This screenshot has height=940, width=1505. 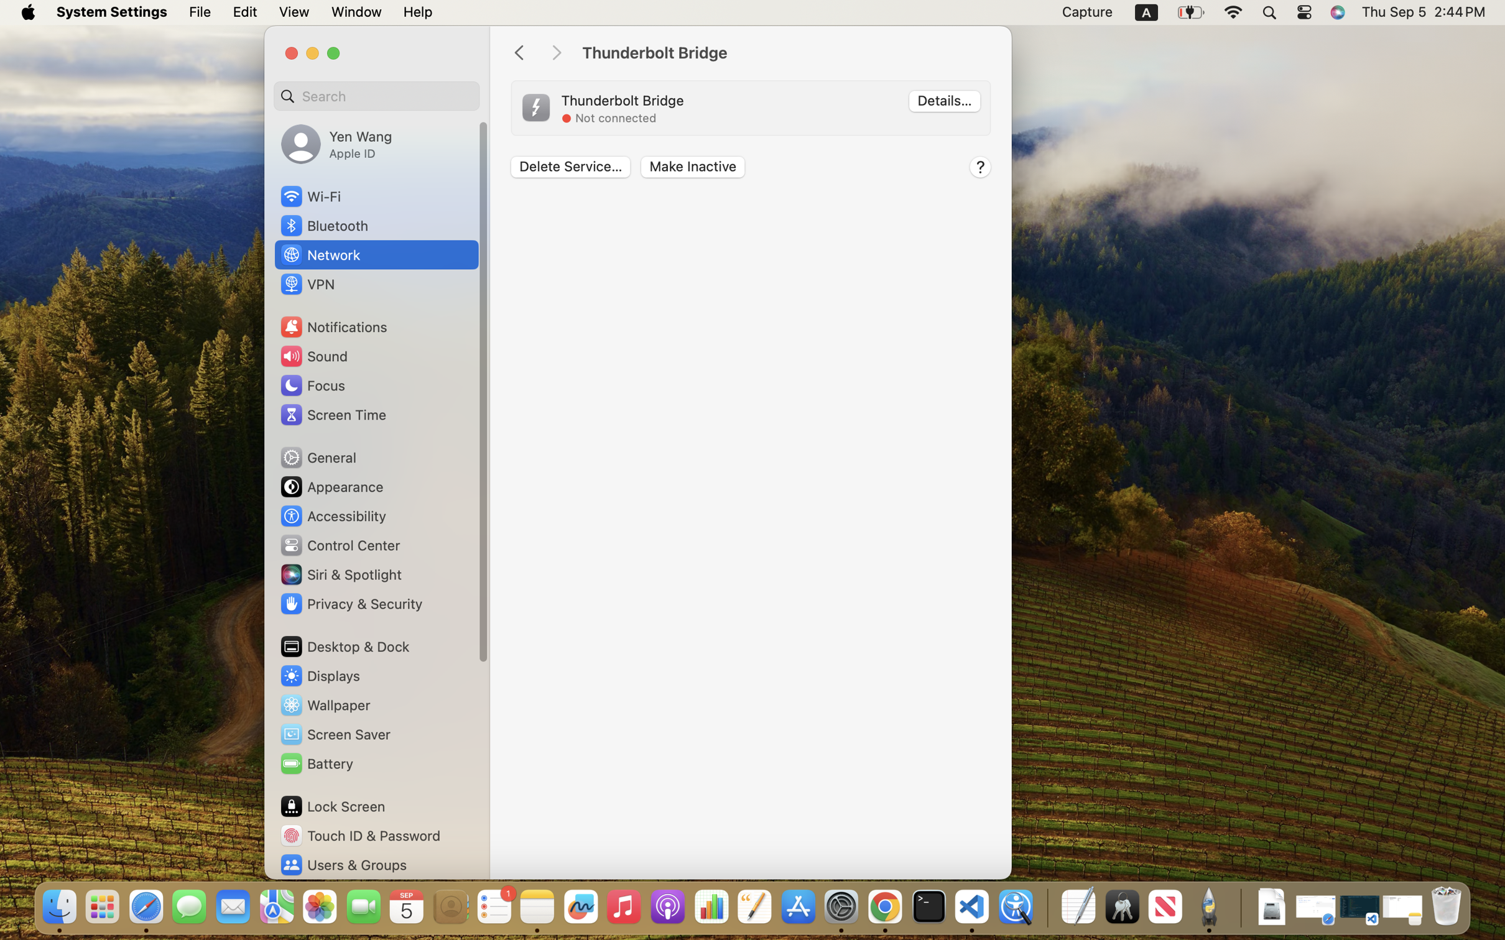 What do you see at coordinates (614, 118) in the screenshot?
I see `'Not connected'` at bounding box center [614, 118].